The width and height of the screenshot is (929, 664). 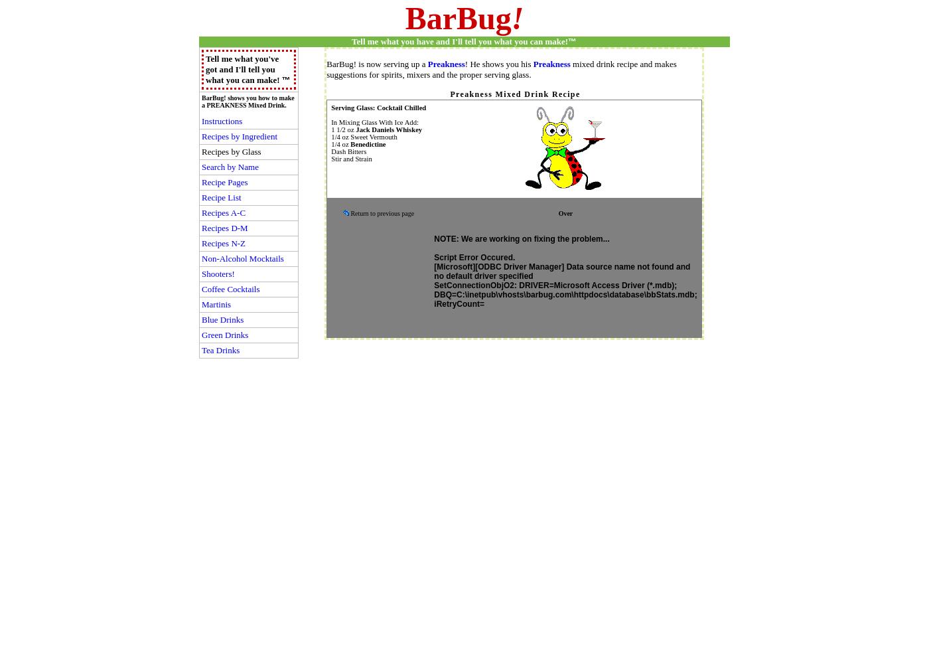 I want to click on 'Over', so click(x=565, y=212).